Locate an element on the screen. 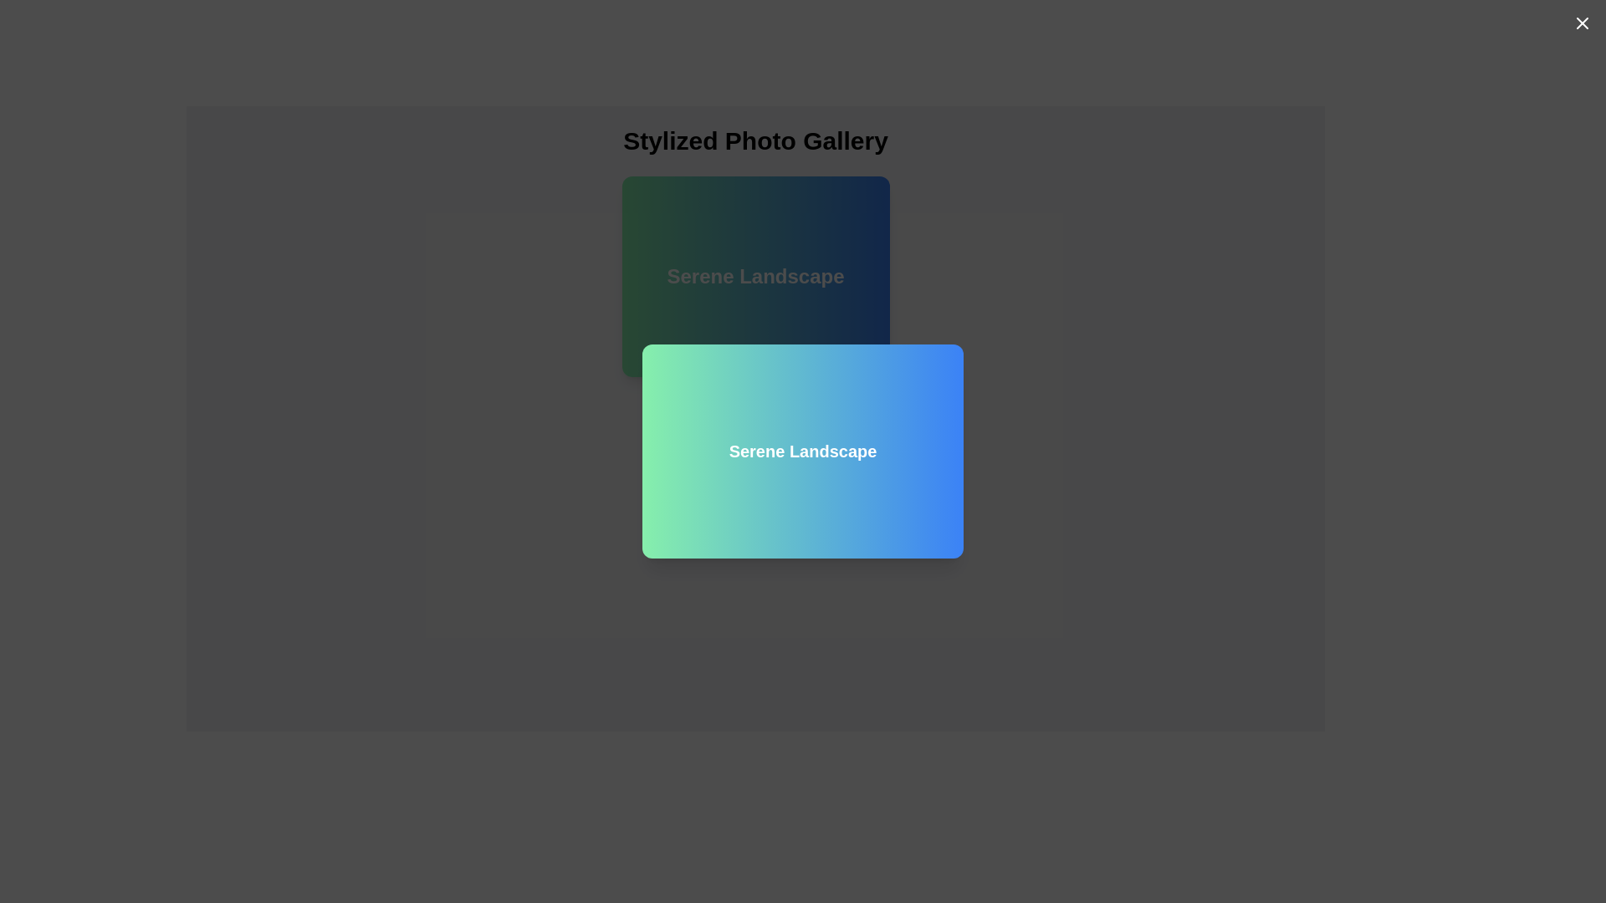 The width and height of the screenshot is (1606, 903). 'Serene Landscape' text label, which is displayed in a large, semibold white font on a gradient background, for accessibility features is located at coordinates (754, 276).